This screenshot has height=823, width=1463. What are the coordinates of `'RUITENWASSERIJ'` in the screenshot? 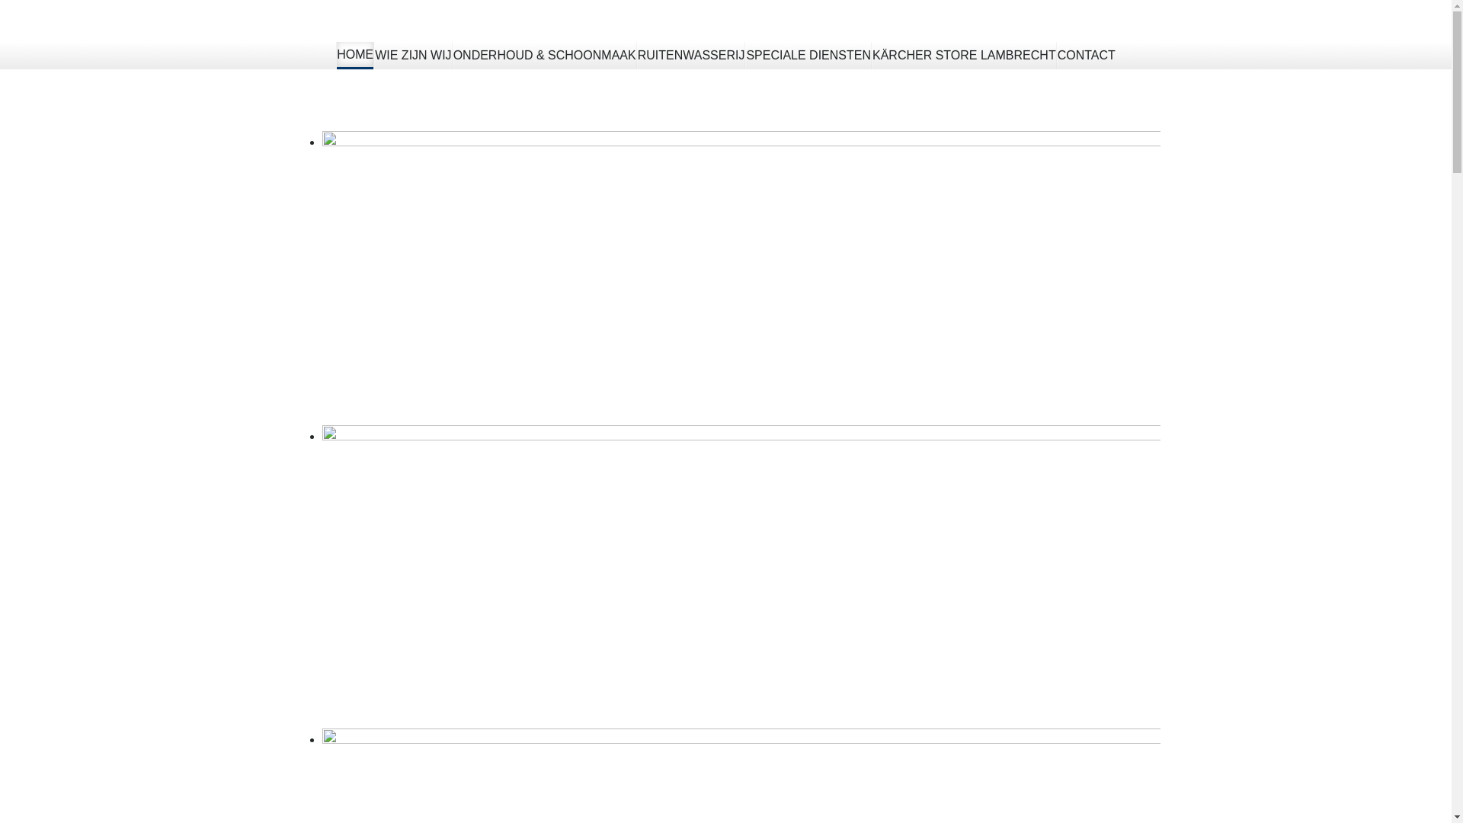 It's located at (690, 55).